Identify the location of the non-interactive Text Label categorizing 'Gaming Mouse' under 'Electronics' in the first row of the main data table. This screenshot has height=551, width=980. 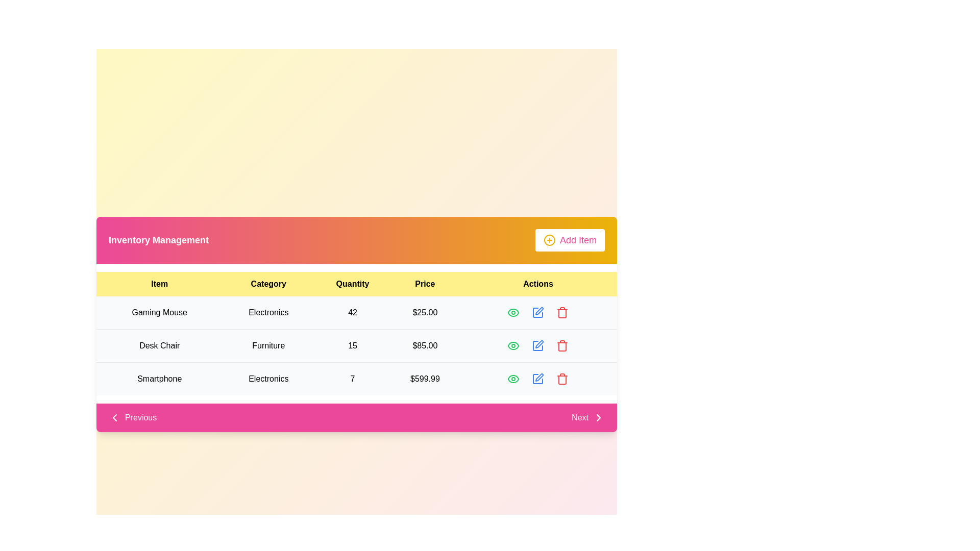
(268, 312).